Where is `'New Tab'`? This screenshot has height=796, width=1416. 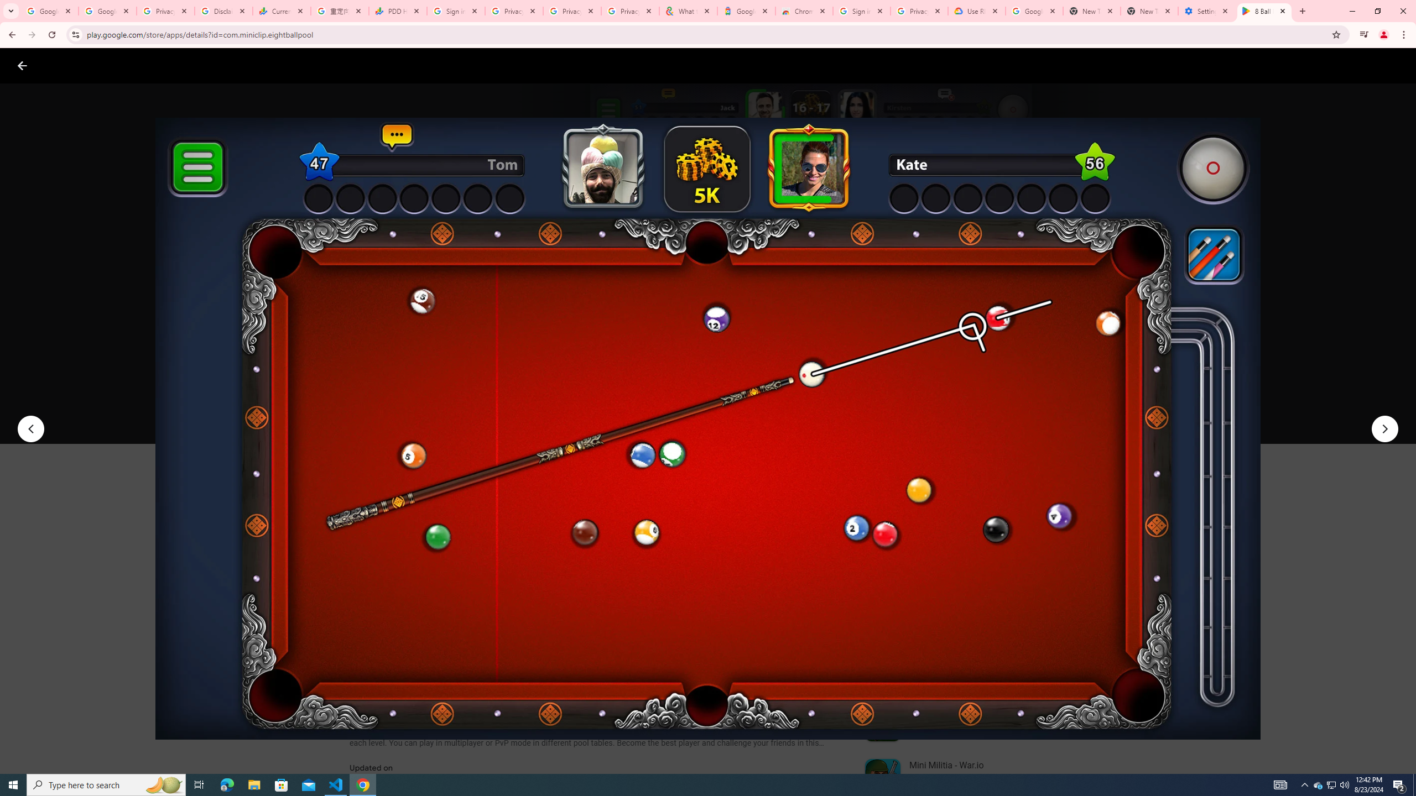
'New Tab' is located at coordinates (1149, 11).